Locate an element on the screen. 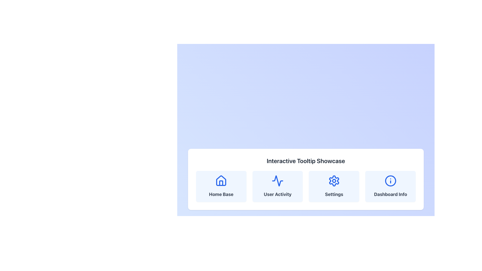 Image resolution: width=482 pixels, height=271 pixels. the settings-related text label located in the lower center of the third card from the left, which is between the 'User Activity' and 'Dashboard Info' cards is located at coordinates (334, 194).